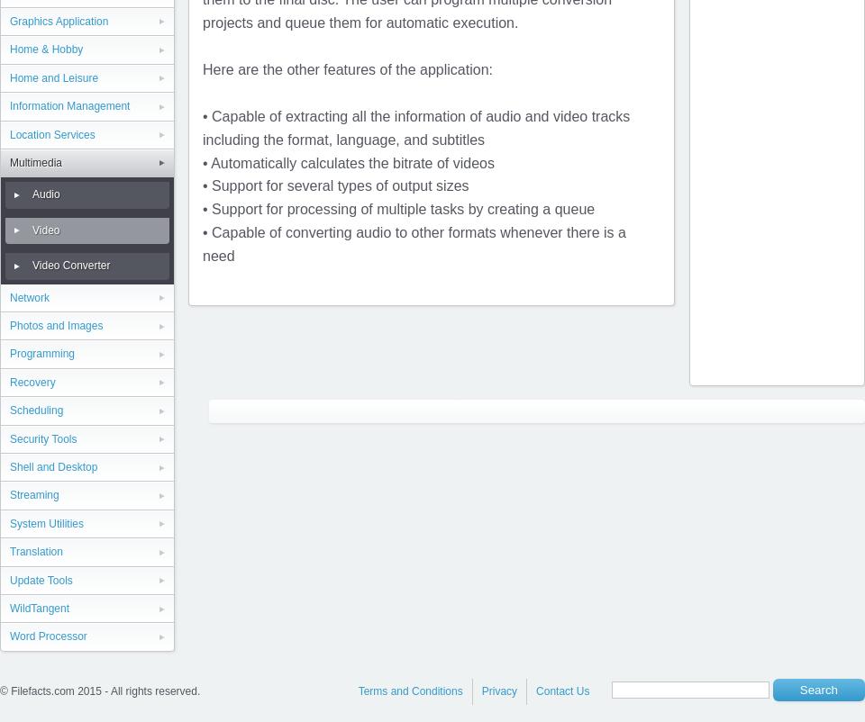  What do you see at coordinates (56, 325) in the screenshot?
I see `'Photos and Images'` at bounding box center [56, 325].